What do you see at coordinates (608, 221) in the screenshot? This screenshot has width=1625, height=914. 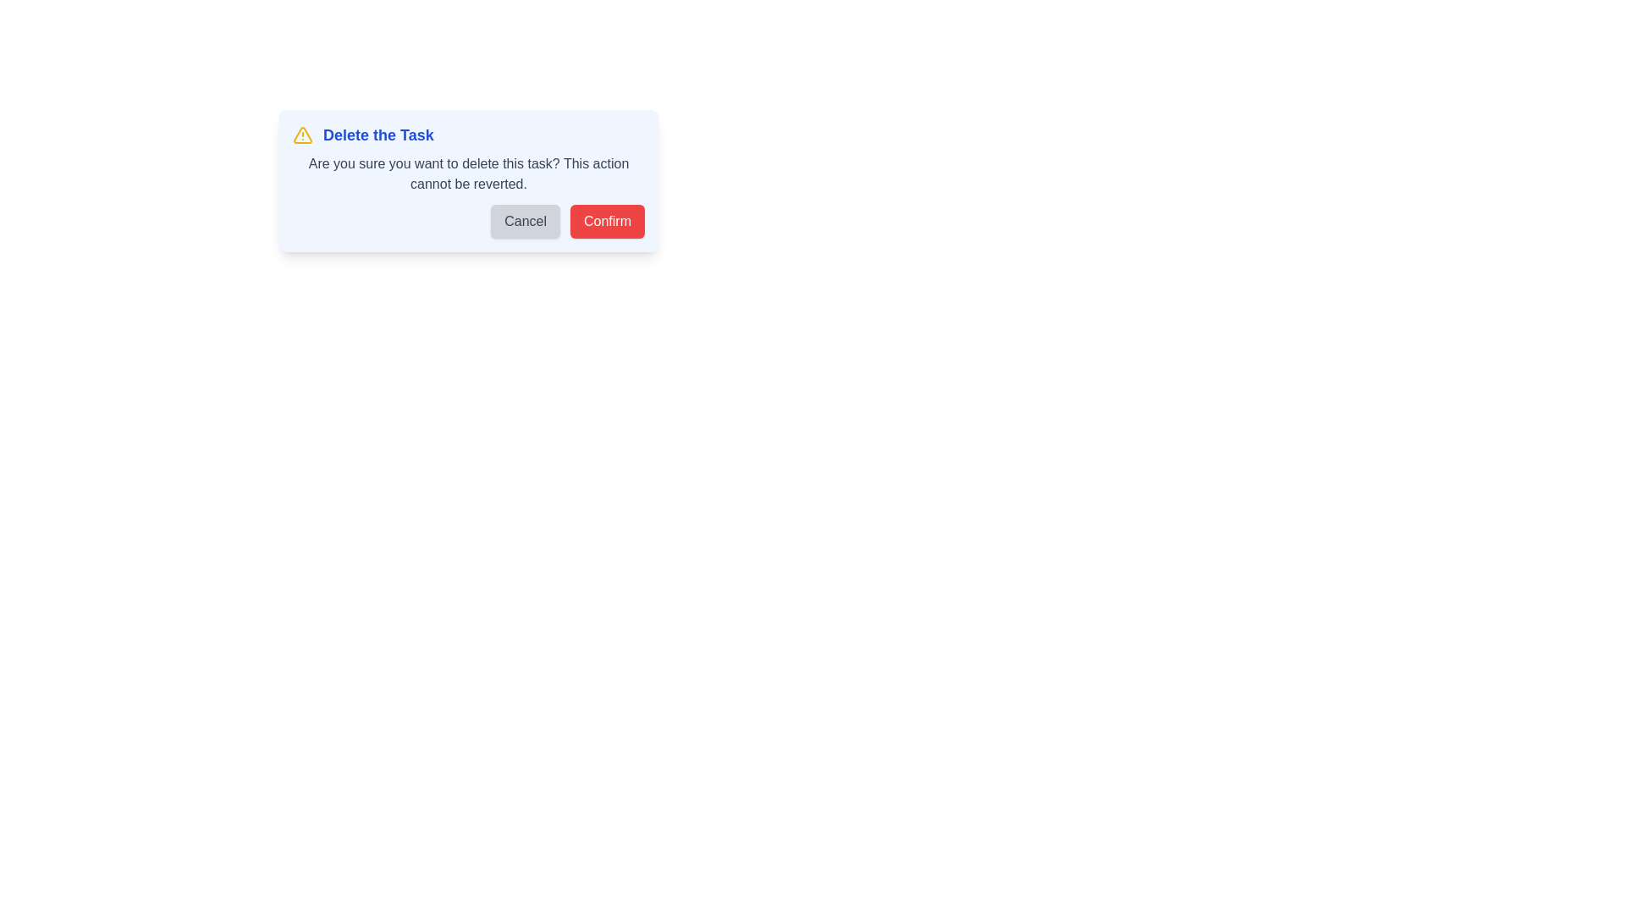 I see `the 'Confirm' button with a red background and white text` at bounding box center [608, 221].